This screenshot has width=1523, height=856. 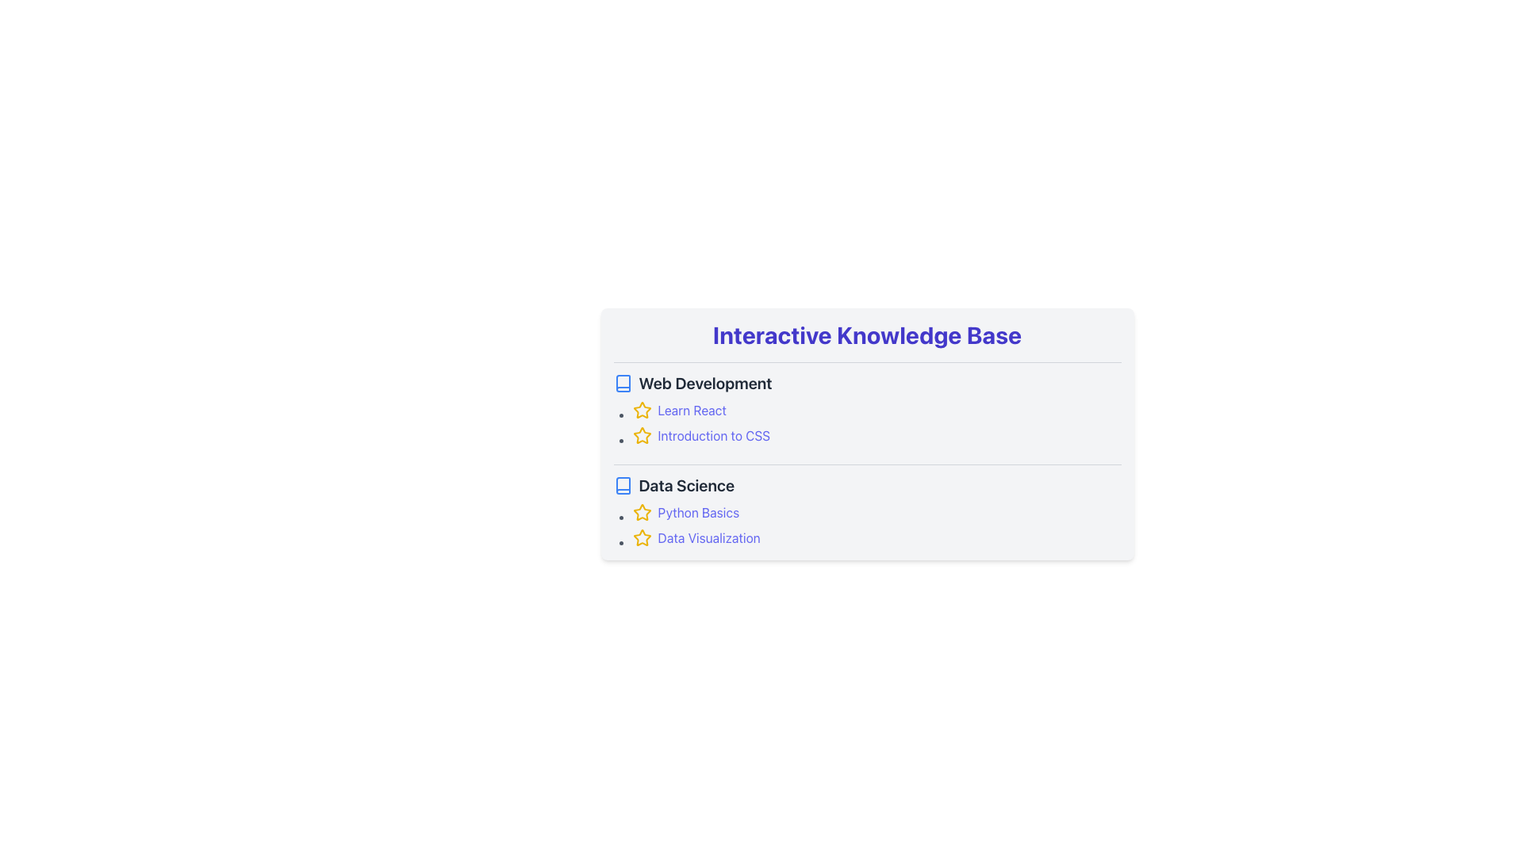 I want to click on the yellow outlined star icon filled with a white center, located to the left of the 'Learn React' list item in the Web Development section to trigger a response, so click(x=642, y=435).